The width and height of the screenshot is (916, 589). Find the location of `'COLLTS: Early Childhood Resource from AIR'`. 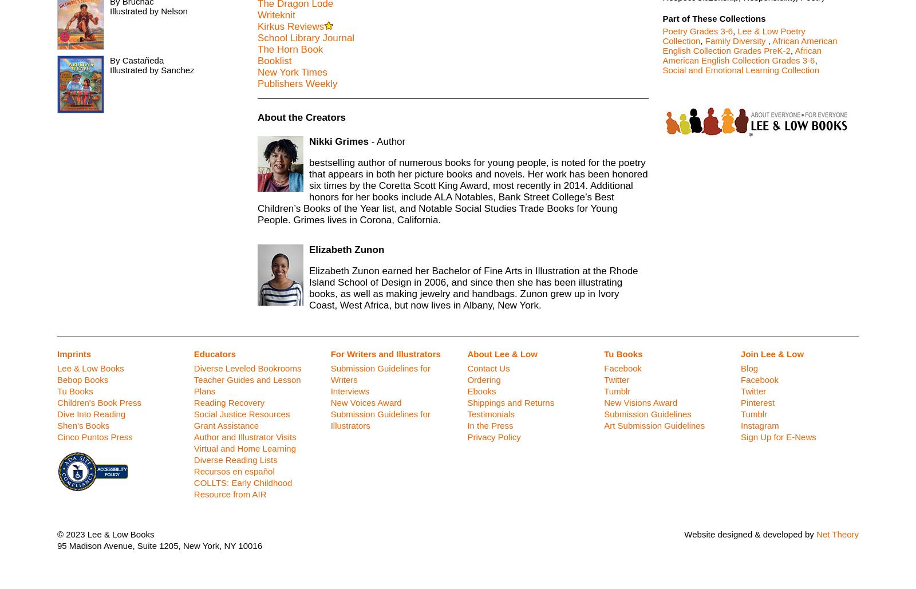

'COLLTS: Early Childhood Resource from AIR' is located at coordinates (242, 488).